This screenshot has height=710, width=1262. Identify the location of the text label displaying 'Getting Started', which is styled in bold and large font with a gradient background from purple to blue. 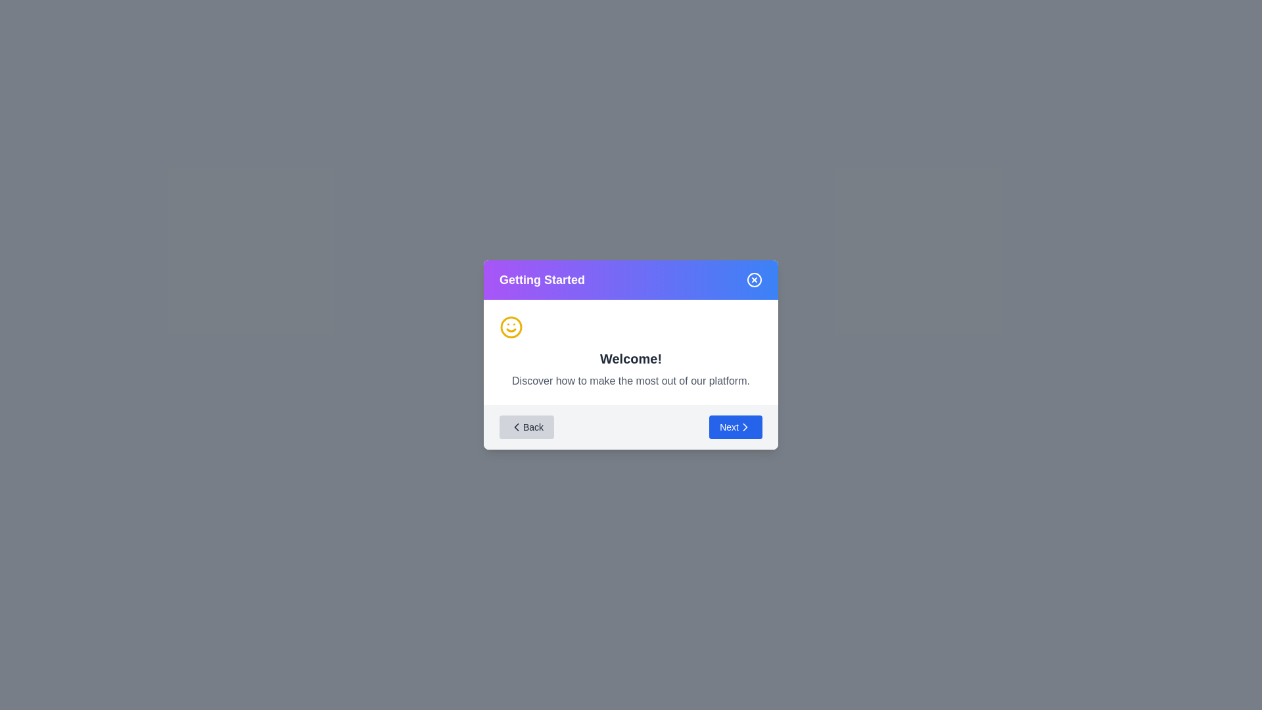
(542, 279).